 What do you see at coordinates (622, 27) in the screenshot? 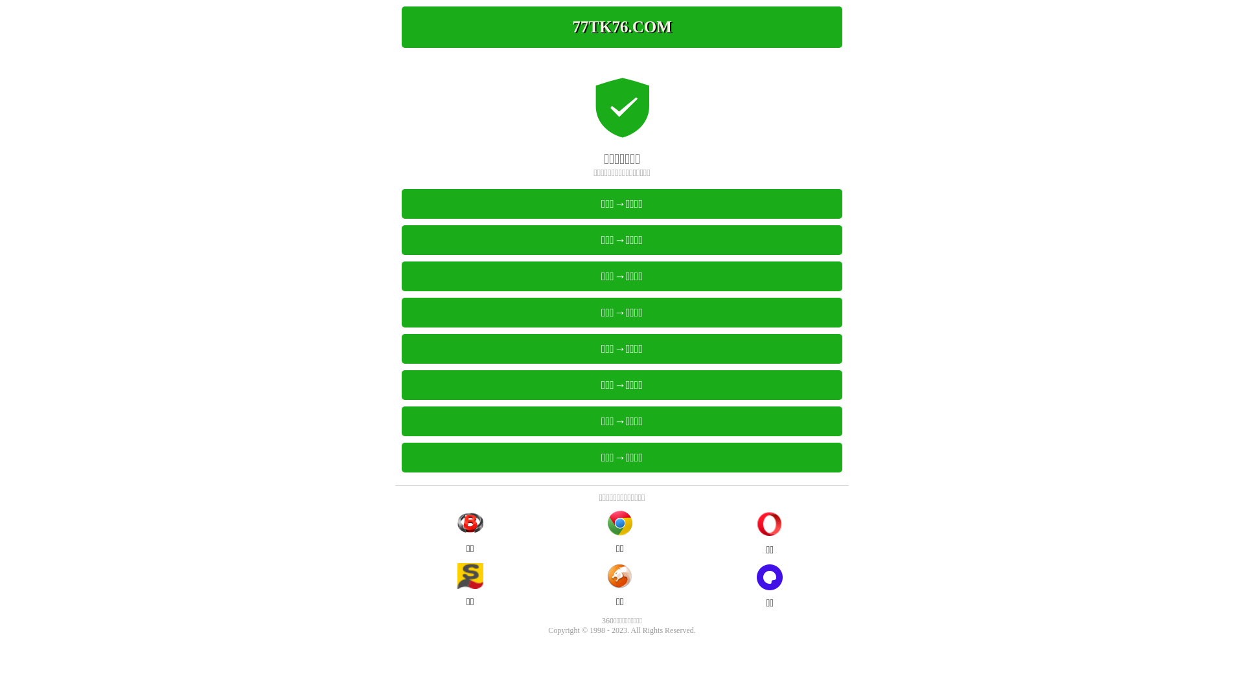
I see `'77TK75.COM'` at bounding box center [622, 27].